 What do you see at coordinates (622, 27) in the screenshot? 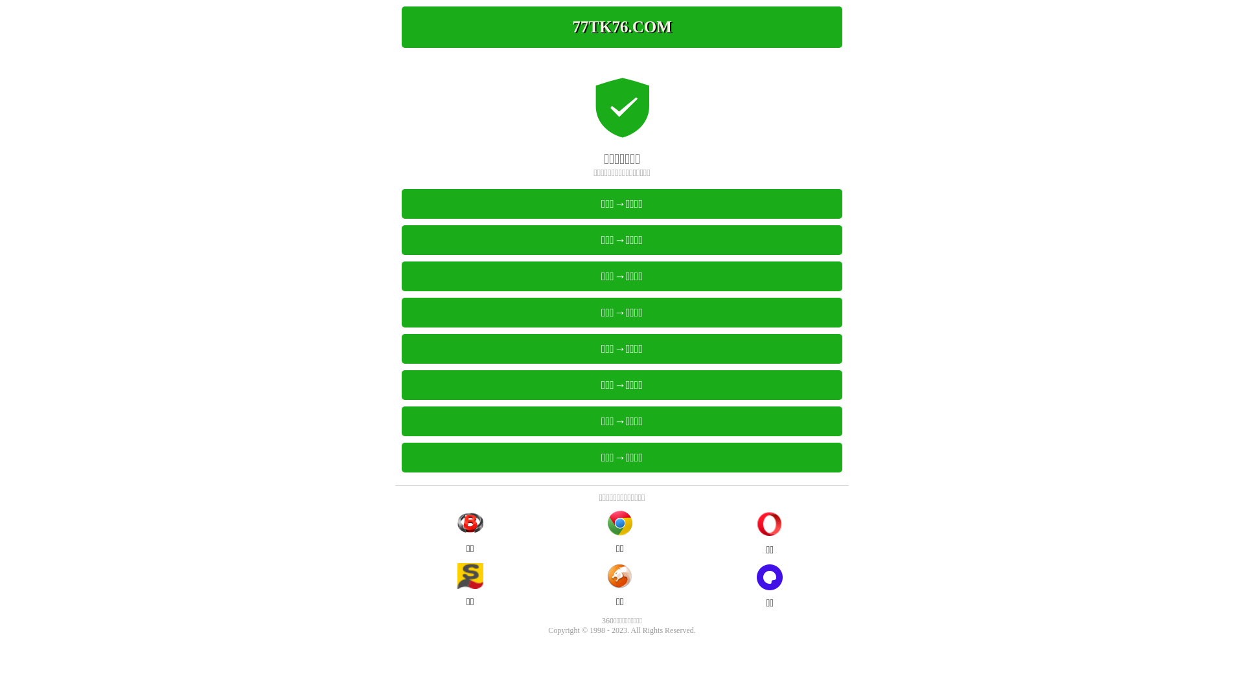
I see `'77TK75.COM'` at bounding box center [622, 27].